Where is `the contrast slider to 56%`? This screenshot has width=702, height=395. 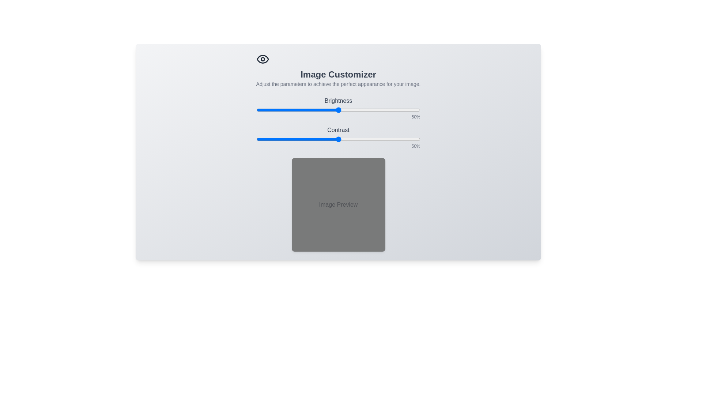
the contrast slider to 56% is located at coordinates (348, 139).